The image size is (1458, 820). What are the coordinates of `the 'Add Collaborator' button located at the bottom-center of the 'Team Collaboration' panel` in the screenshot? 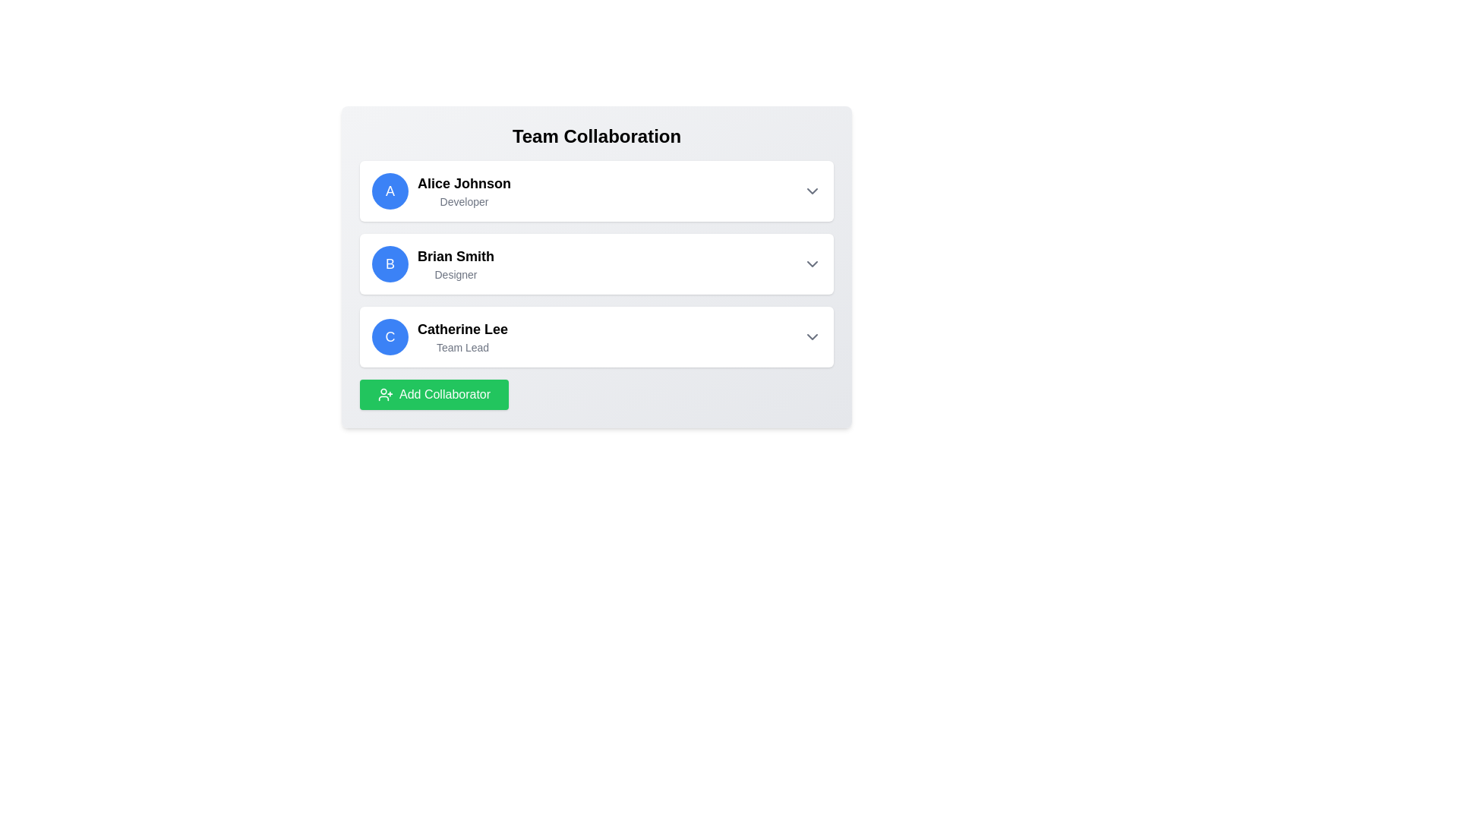 It's located at (433, 394).